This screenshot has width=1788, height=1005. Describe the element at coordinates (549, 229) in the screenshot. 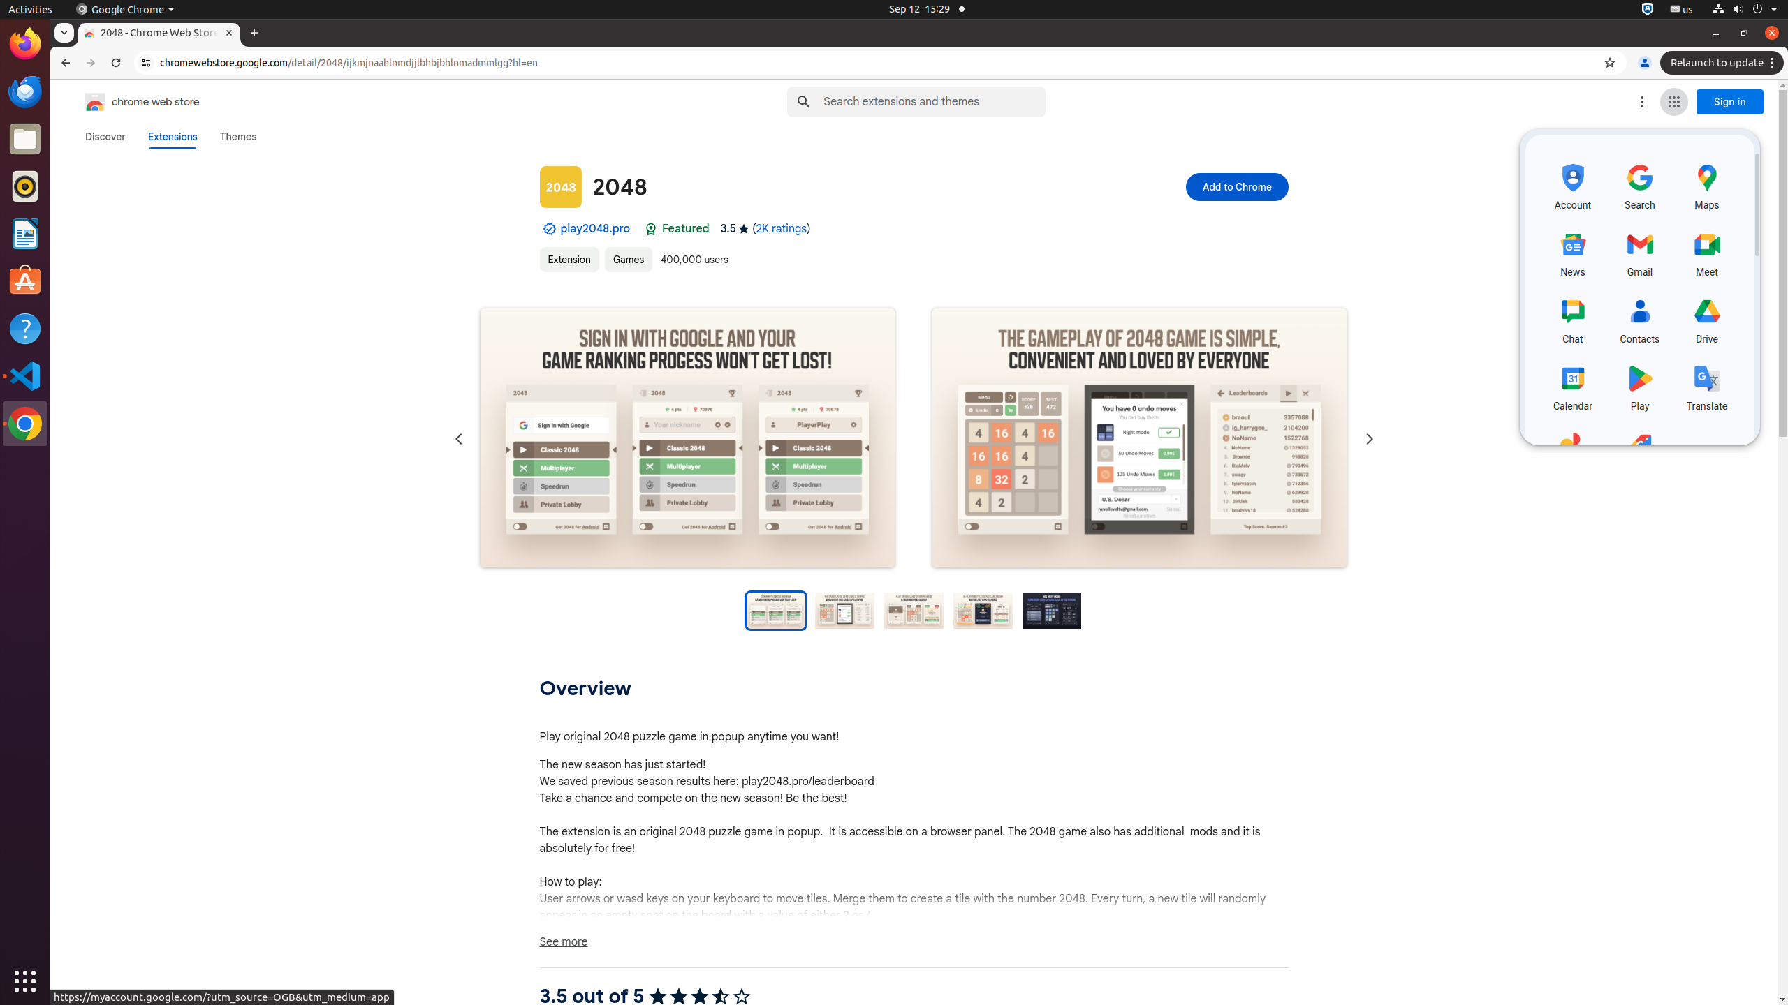

I see `'By Established Publisher Badge'` at that location.